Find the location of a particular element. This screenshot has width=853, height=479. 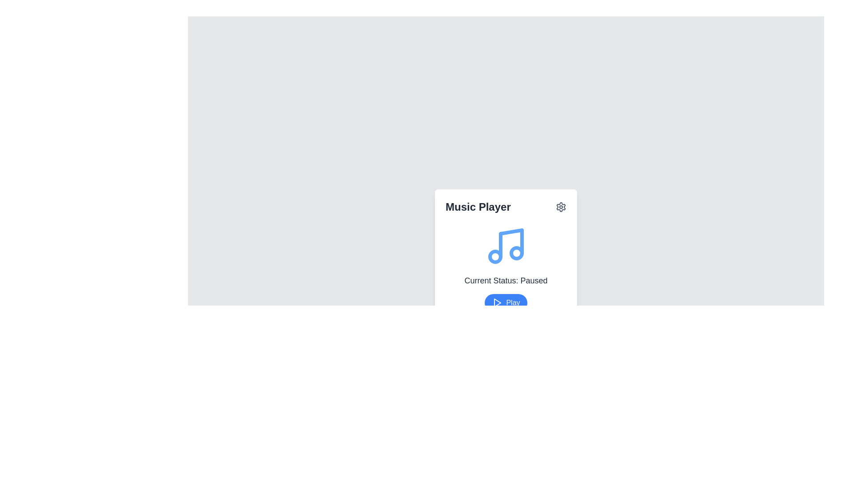

the triangular play icon embedded within the blue circular button labeled 'Play' at the bottom of the music player card is located at coordinates (497, 302).